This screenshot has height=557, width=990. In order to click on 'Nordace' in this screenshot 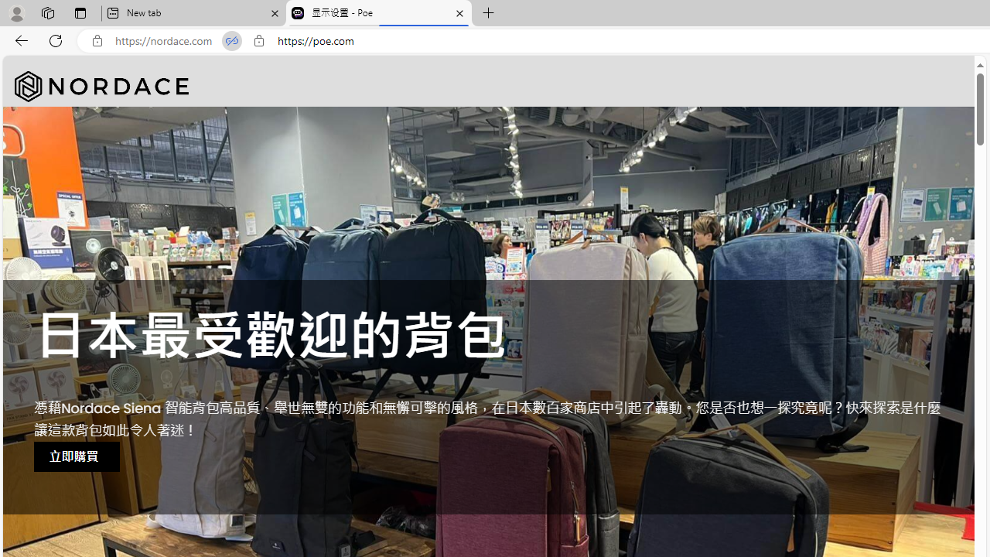, I will do `click(101, 86)`.